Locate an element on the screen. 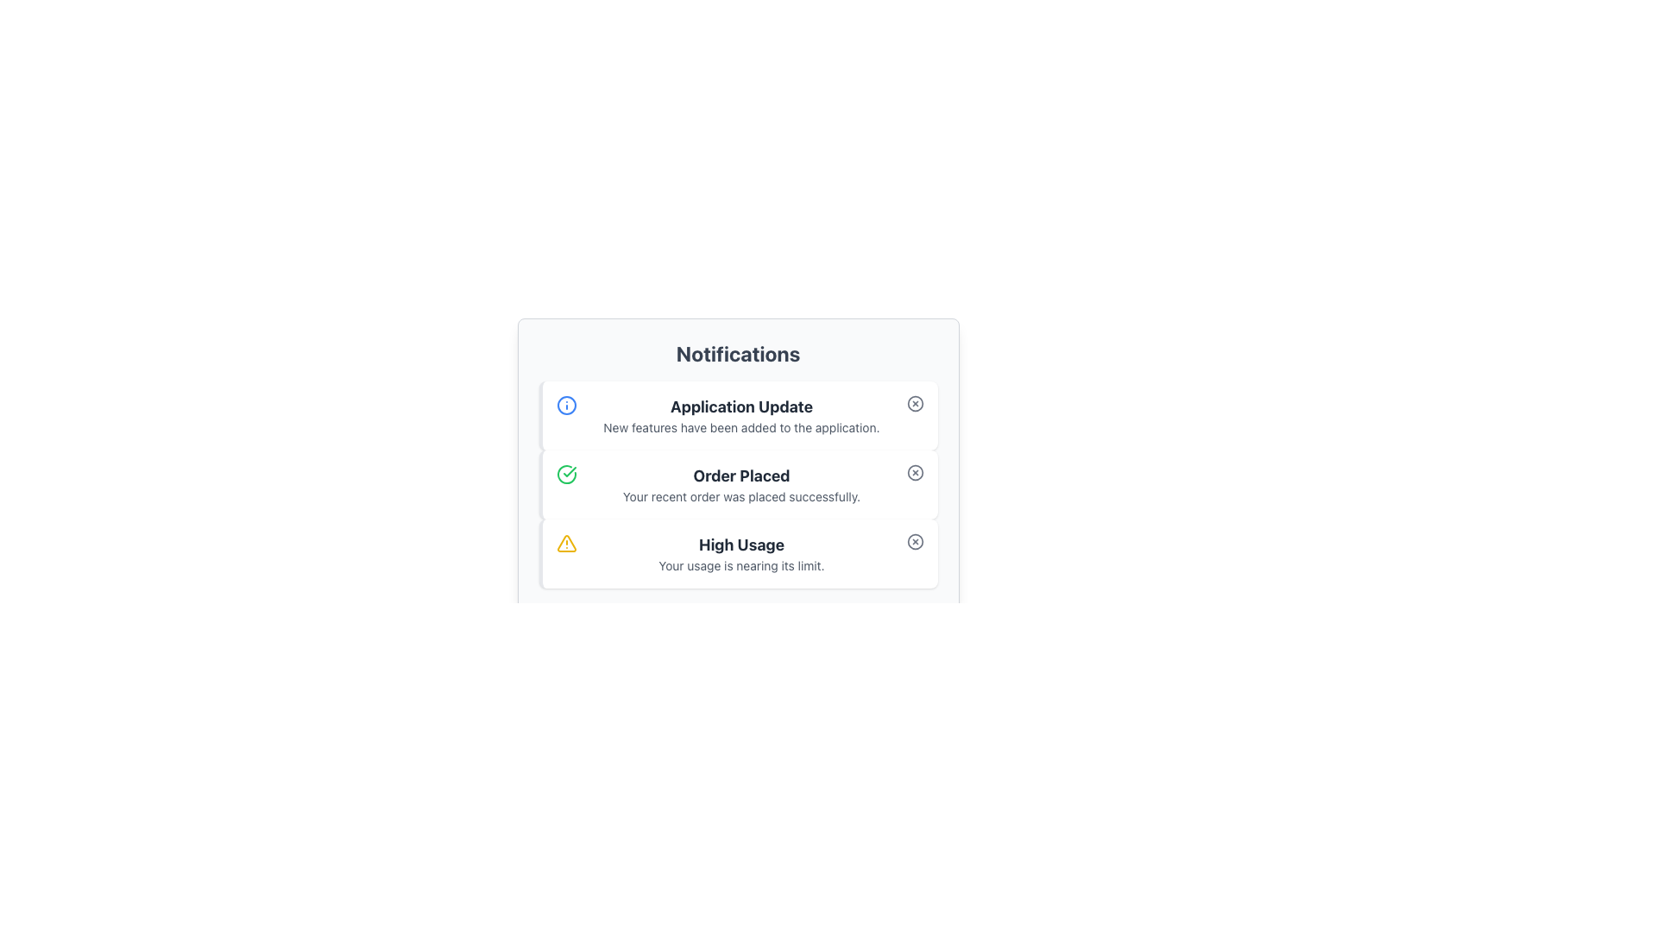 Image resolution: width=1657 pixels, height=932 pixels. the static text element that reads 'Your usage is nearing its limit.' which is styled in gray and appears below 'High Usage' is located at coordinates (741, 565).